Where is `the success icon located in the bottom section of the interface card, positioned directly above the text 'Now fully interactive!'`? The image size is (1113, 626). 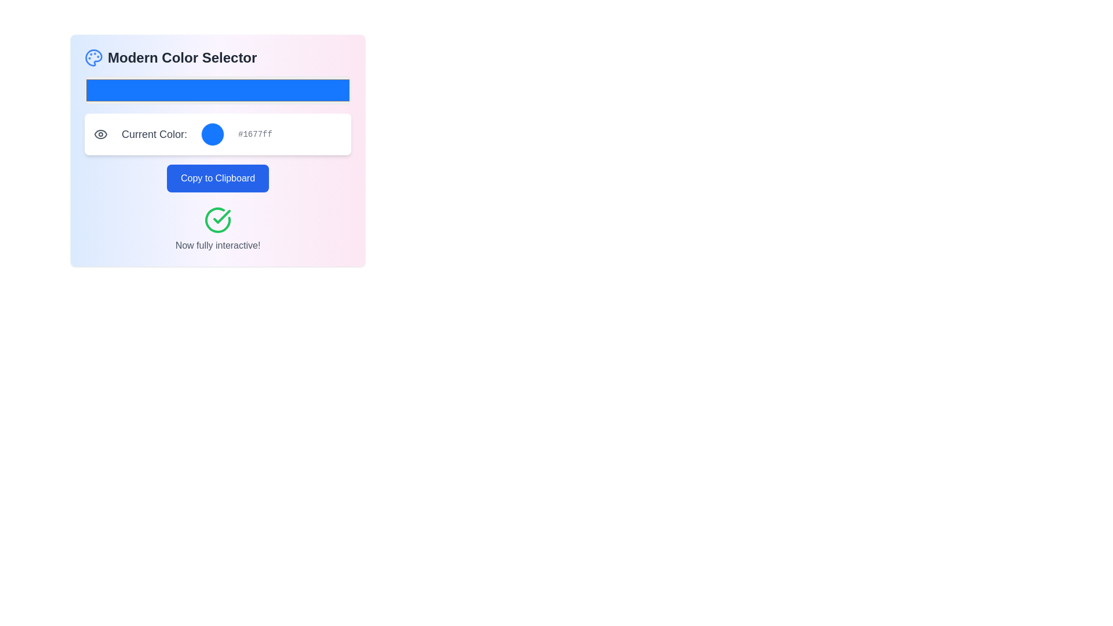 the success icon located in the bottom section of the interface card, positioned directly above the text 'Now fully interactive!' is located at coordinates (217, 220).